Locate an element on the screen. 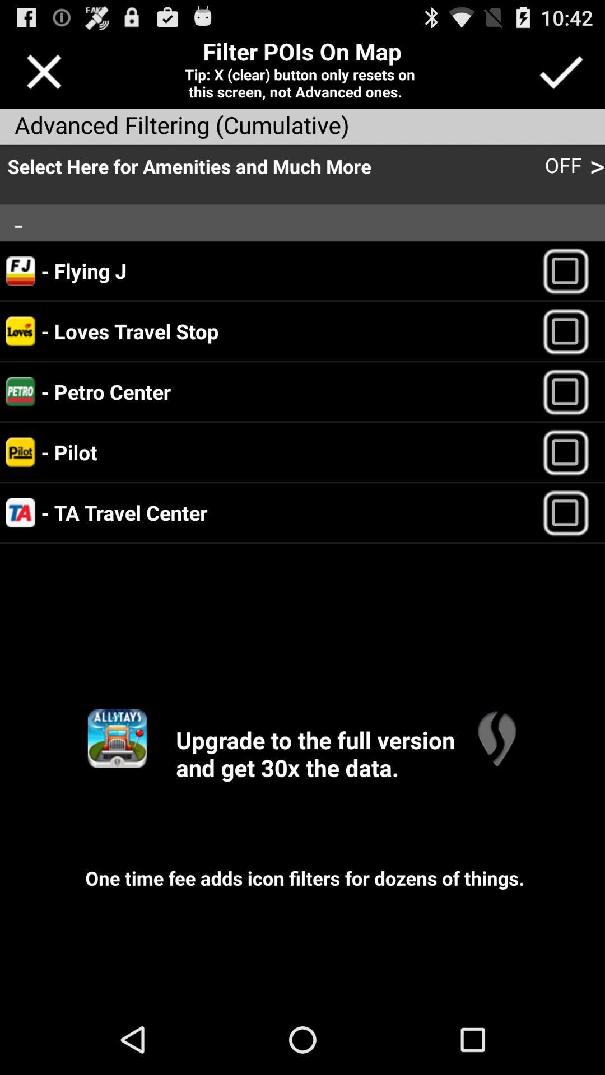 This screenshot has width=605, height=1075. flying j on is located at coordinates (571, 270).